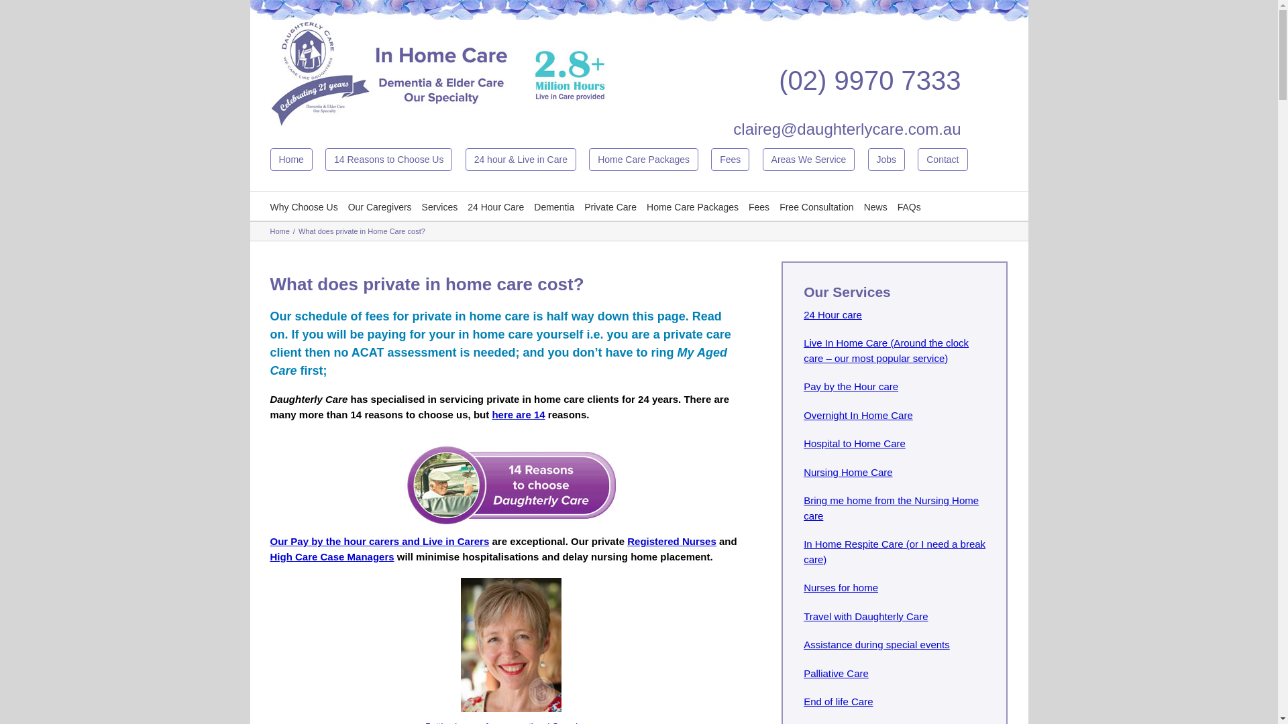  I want to click on '14 Reasons to Choose Us', so click(392, 158).